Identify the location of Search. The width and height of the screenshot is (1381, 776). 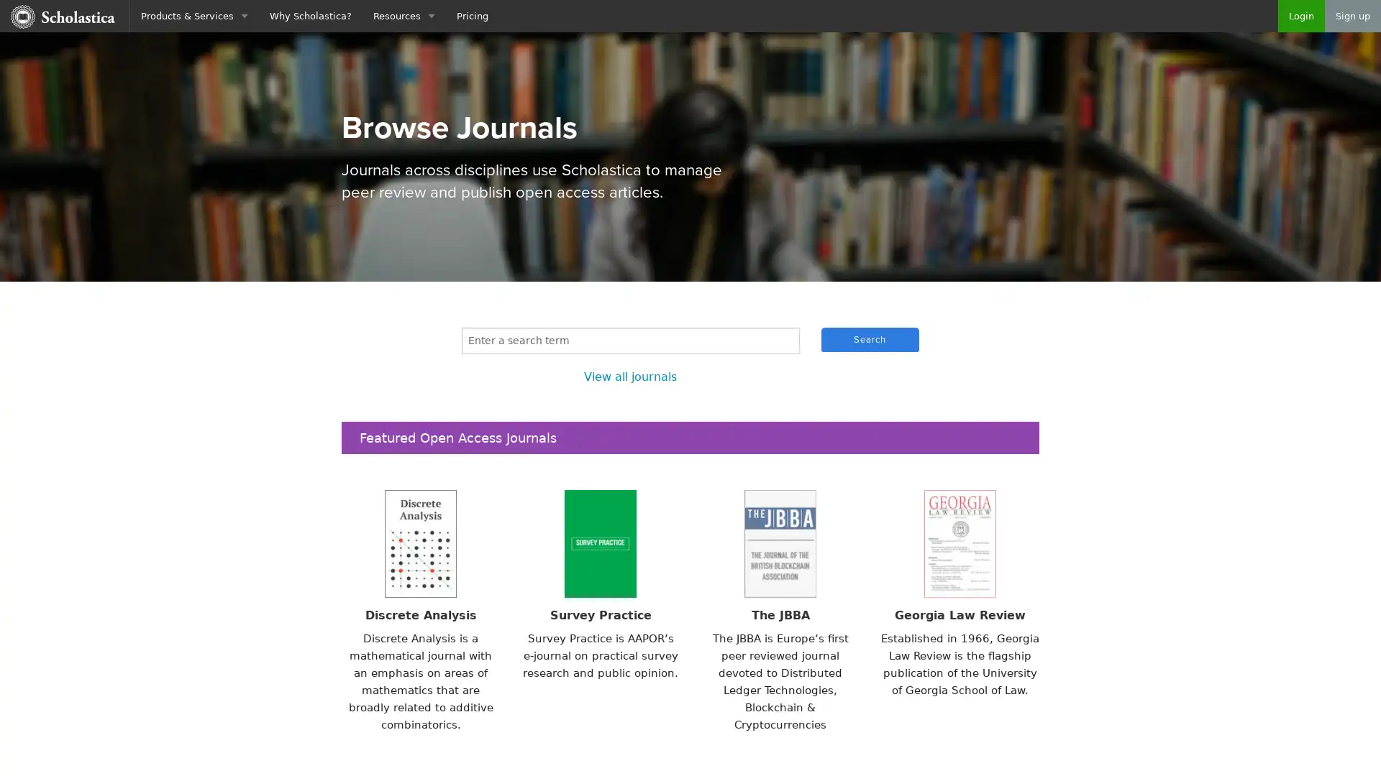
(869, 340).